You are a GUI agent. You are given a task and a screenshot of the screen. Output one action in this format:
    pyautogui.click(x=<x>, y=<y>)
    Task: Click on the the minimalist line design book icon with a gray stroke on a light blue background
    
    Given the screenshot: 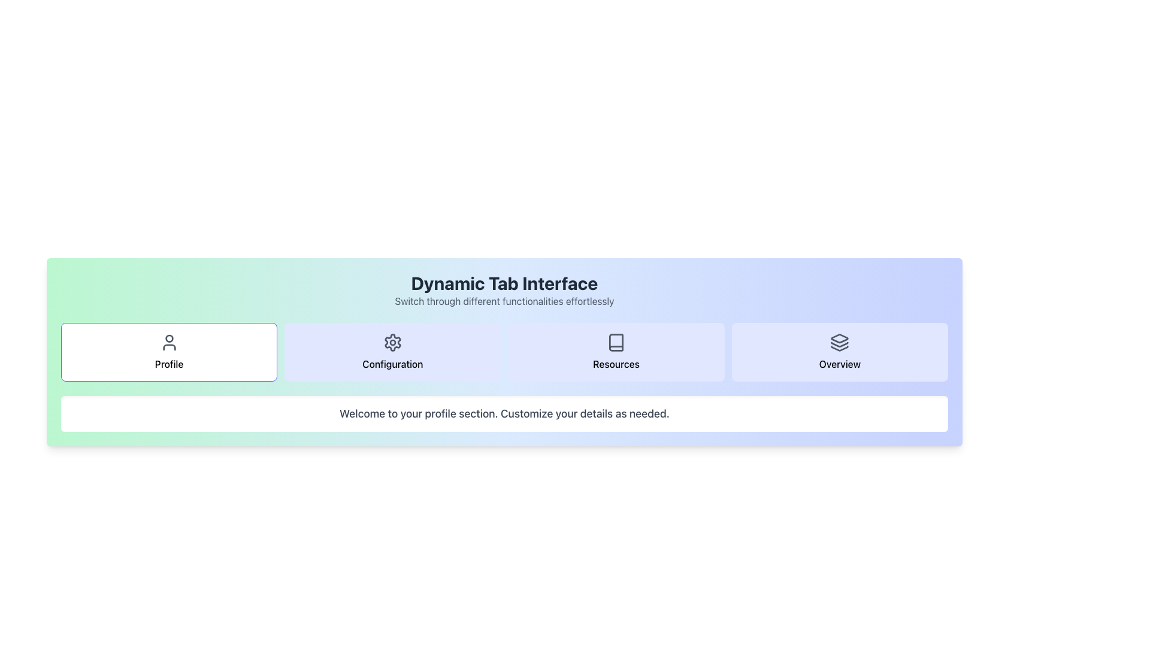 What is the action you would take?
    pyautogui.click(x=616, y=342)
    